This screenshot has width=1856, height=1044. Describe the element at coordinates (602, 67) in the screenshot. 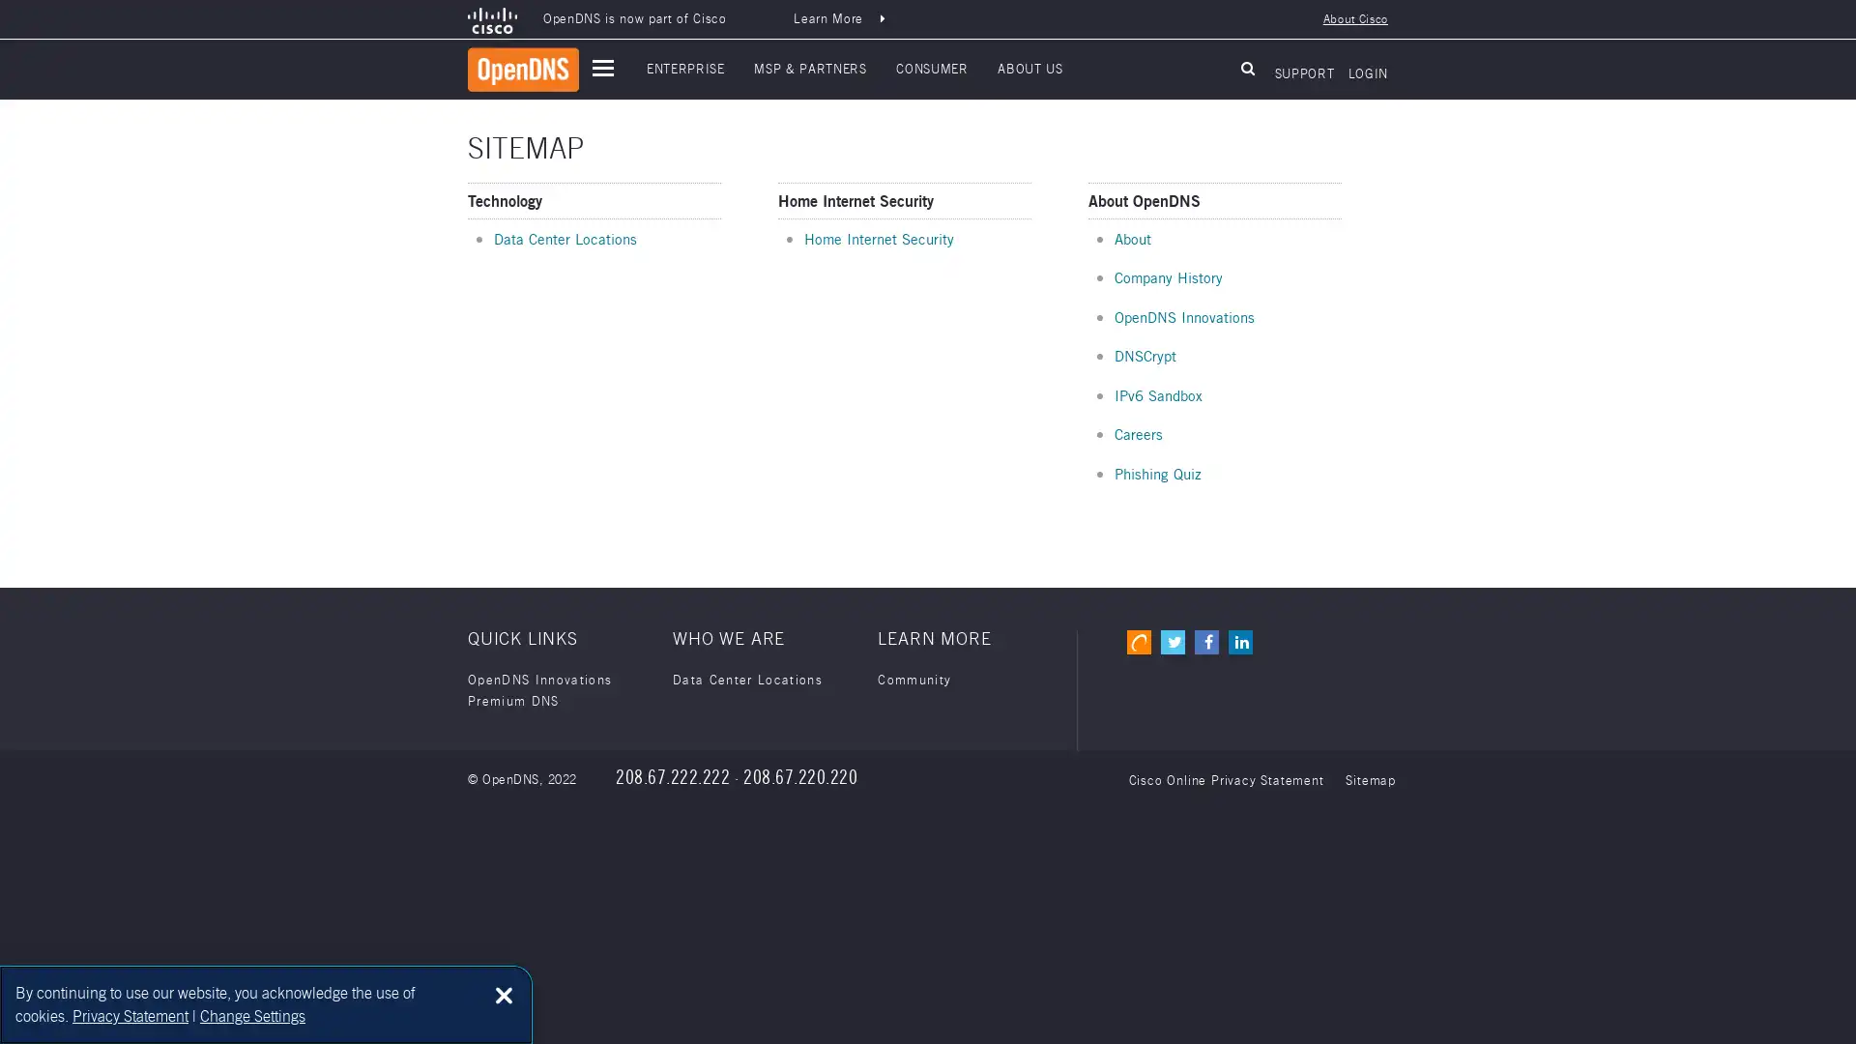

I see `open main navigation` at that location.